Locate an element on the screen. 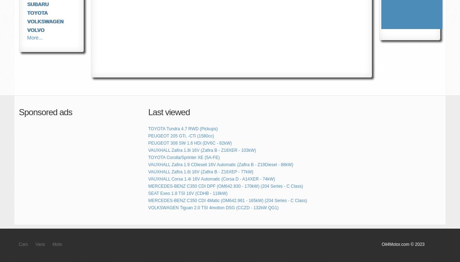 The width and height of the screenshot is (460, 262). 'Cars' is located at coordinates (23, 244).